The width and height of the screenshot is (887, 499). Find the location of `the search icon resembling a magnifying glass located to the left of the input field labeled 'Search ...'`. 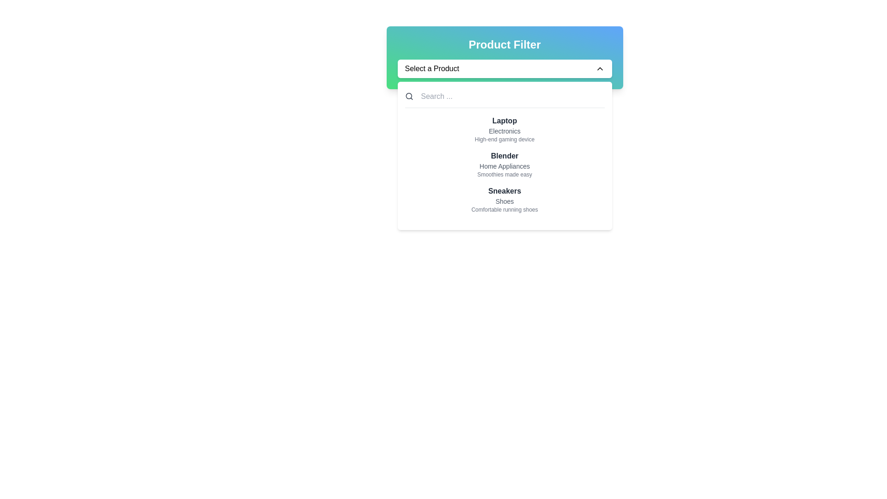

the search icon resembling a magnifying glass located to the left of the input field labeled 'Search ...' is located at coordinates (408, 96).